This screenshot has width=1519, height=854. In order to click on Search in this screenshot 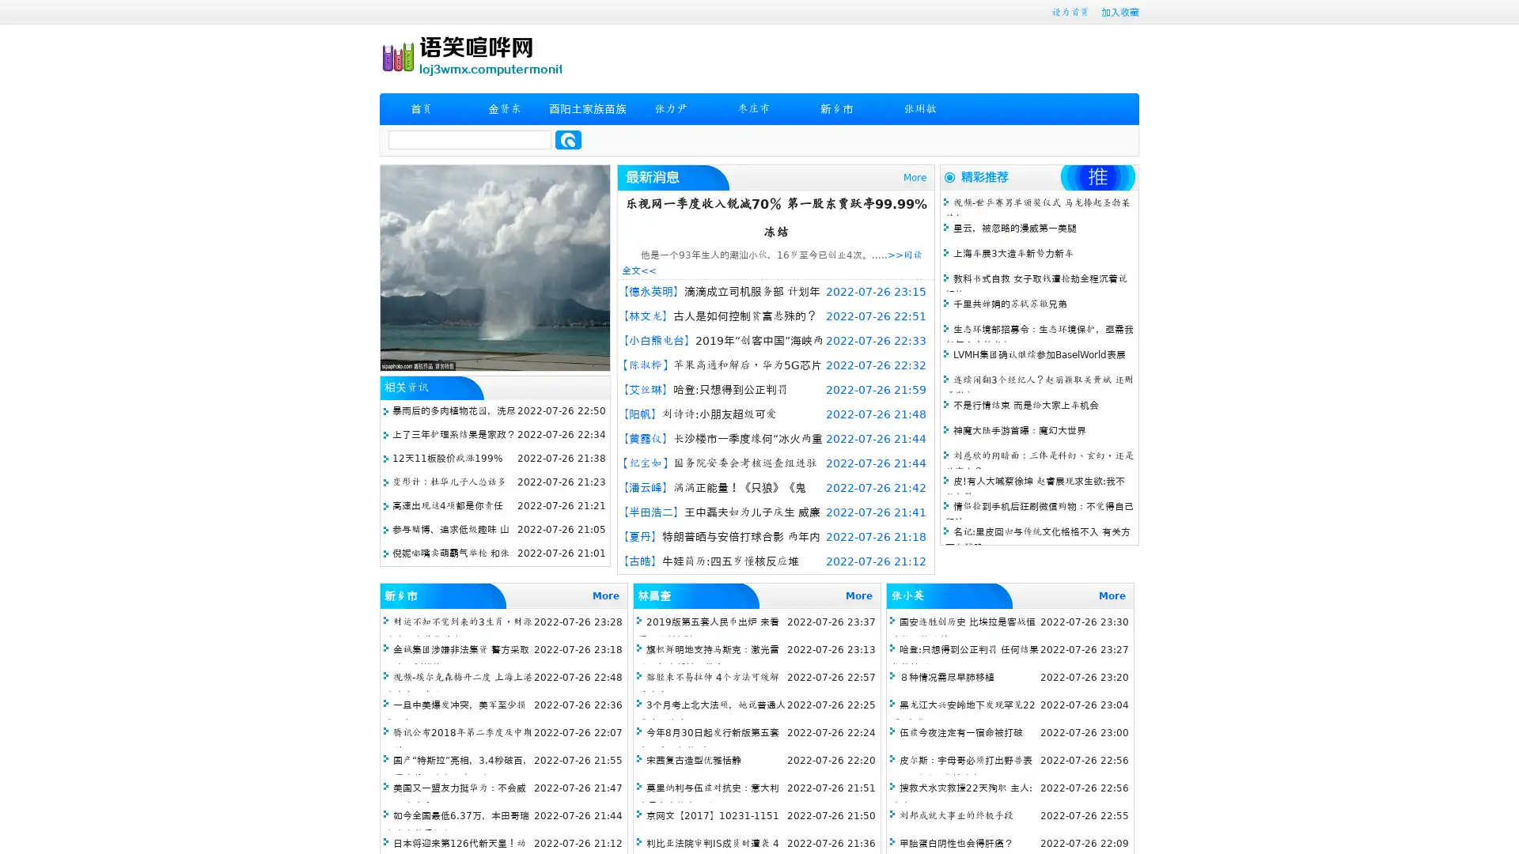, I will do `click(568, 139)`.